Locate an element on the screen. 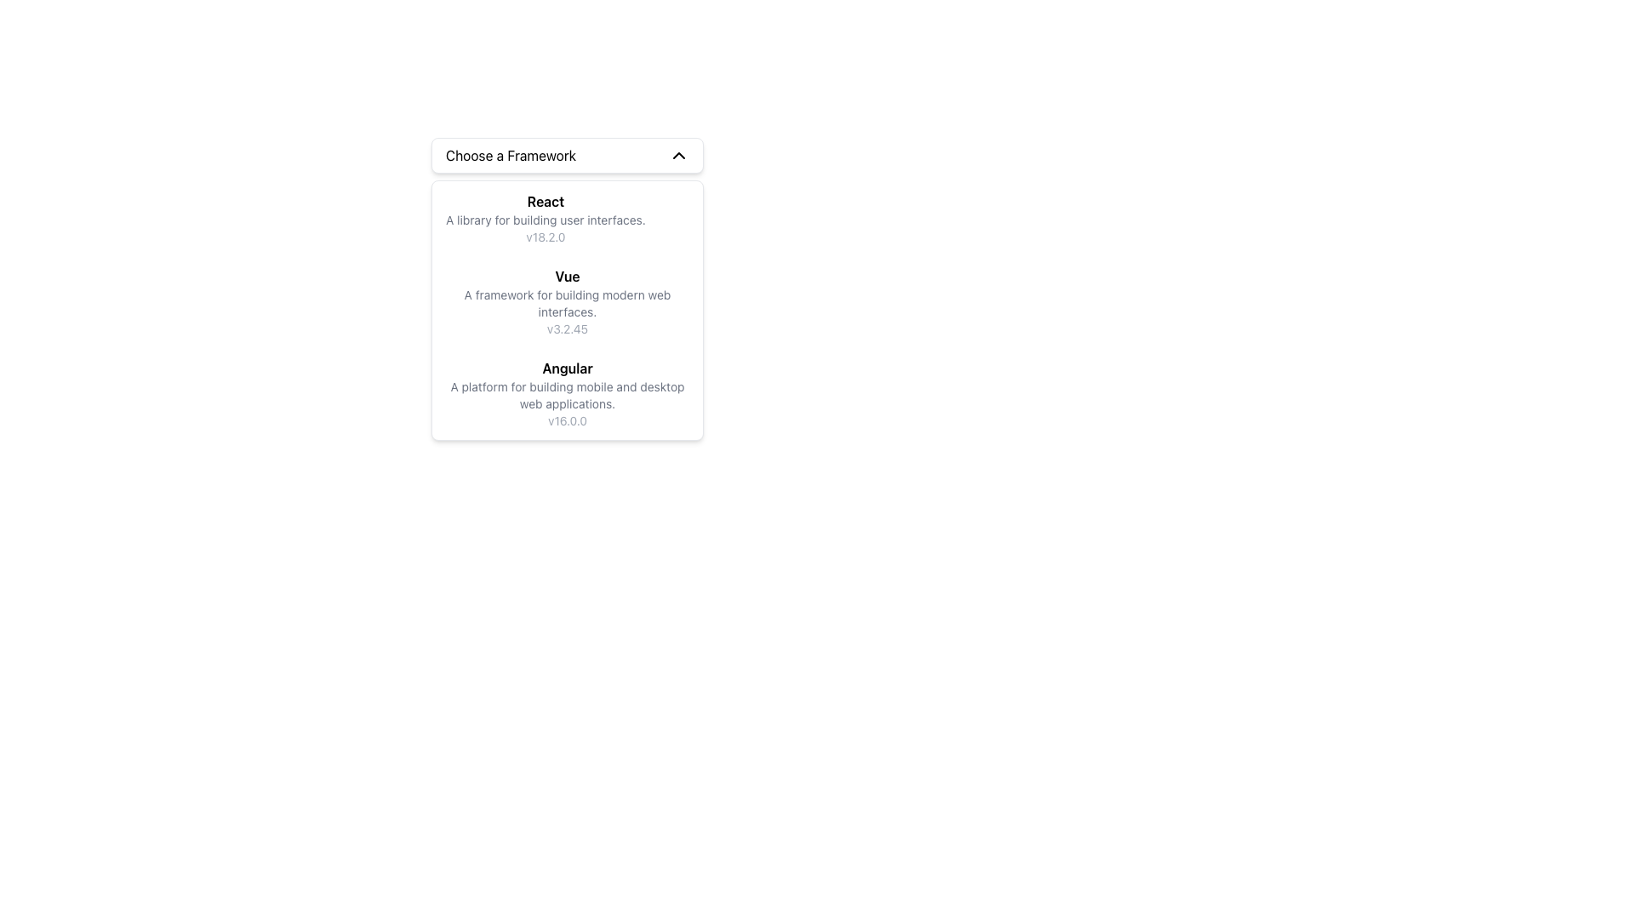 This screenshot has width=1634, height=919. the Dropdown header is located at coordinates (568, 155).